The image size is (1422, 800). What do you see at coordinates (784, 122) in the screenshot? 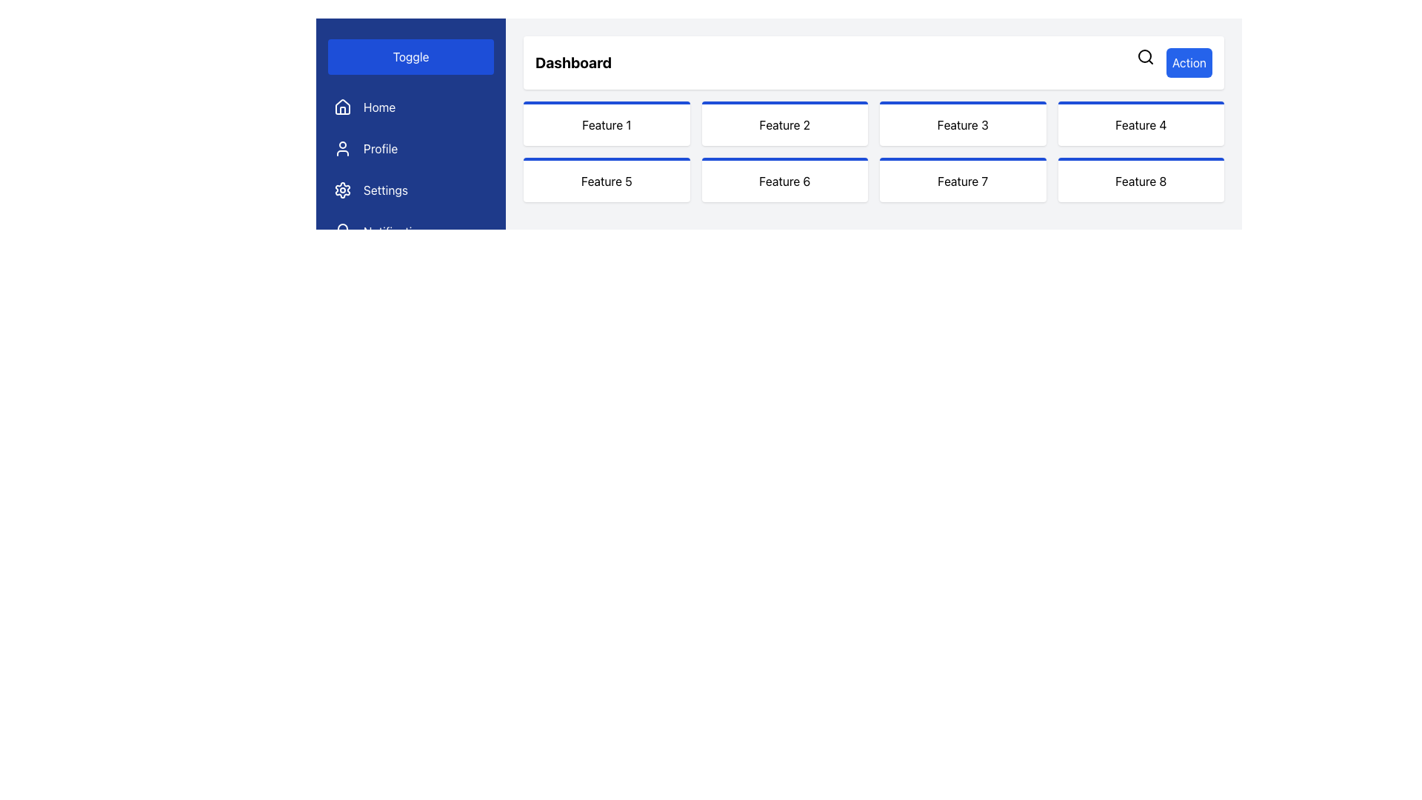
I see `the second Card or Tile in the grid layout` at bounding box center [784, 122].